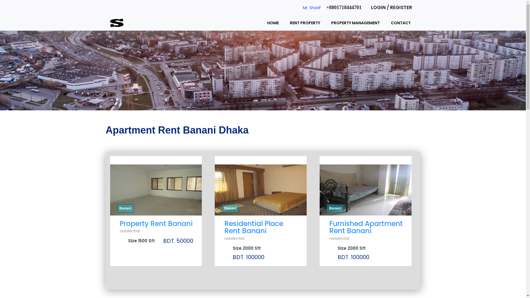 The image size is (530, 298). What do you see at coordinates (385, 23) in the screenshot?
I see `'CONTACT'` at bounding box center [385, 23].